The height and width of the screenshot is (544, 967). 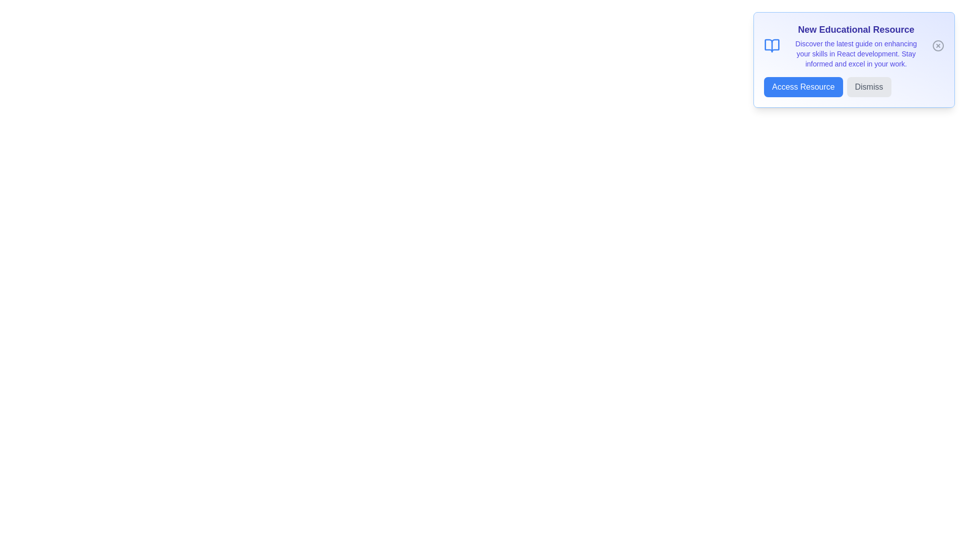 What do you see at coordinates (937, 46) in the screenshot?
I see `the close icon button to close the alert` at bounding box center [937, 46].